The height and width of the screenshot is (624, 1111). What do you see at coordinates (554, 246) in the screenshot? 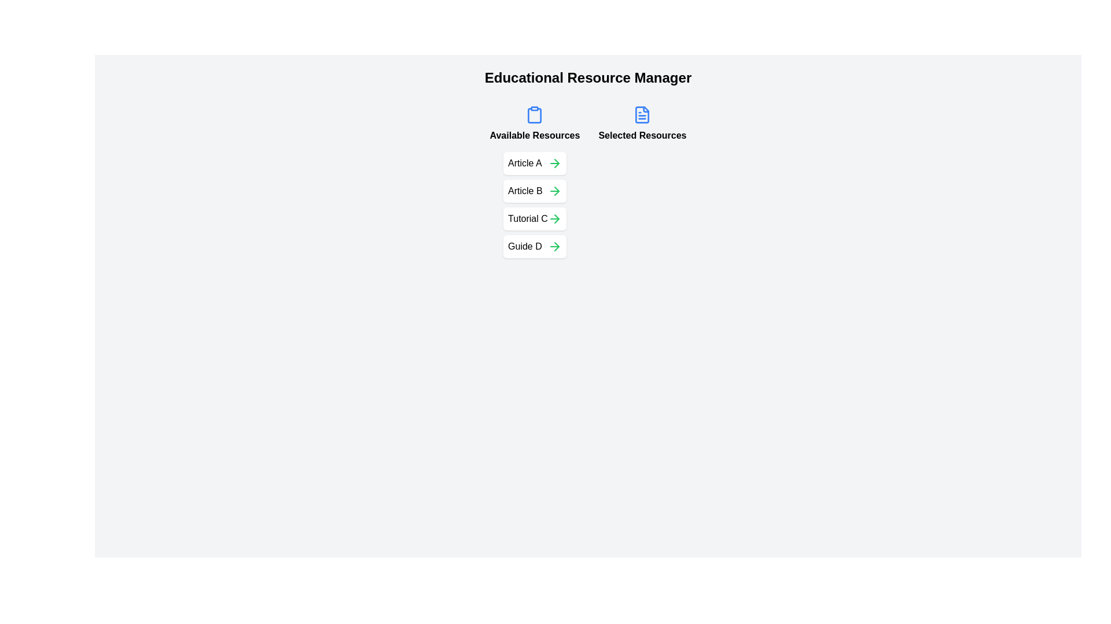
I see `the button to move the resource Guide D from 'Available Resources' to 'Selected Resources'` at bounding box center [554, 246].